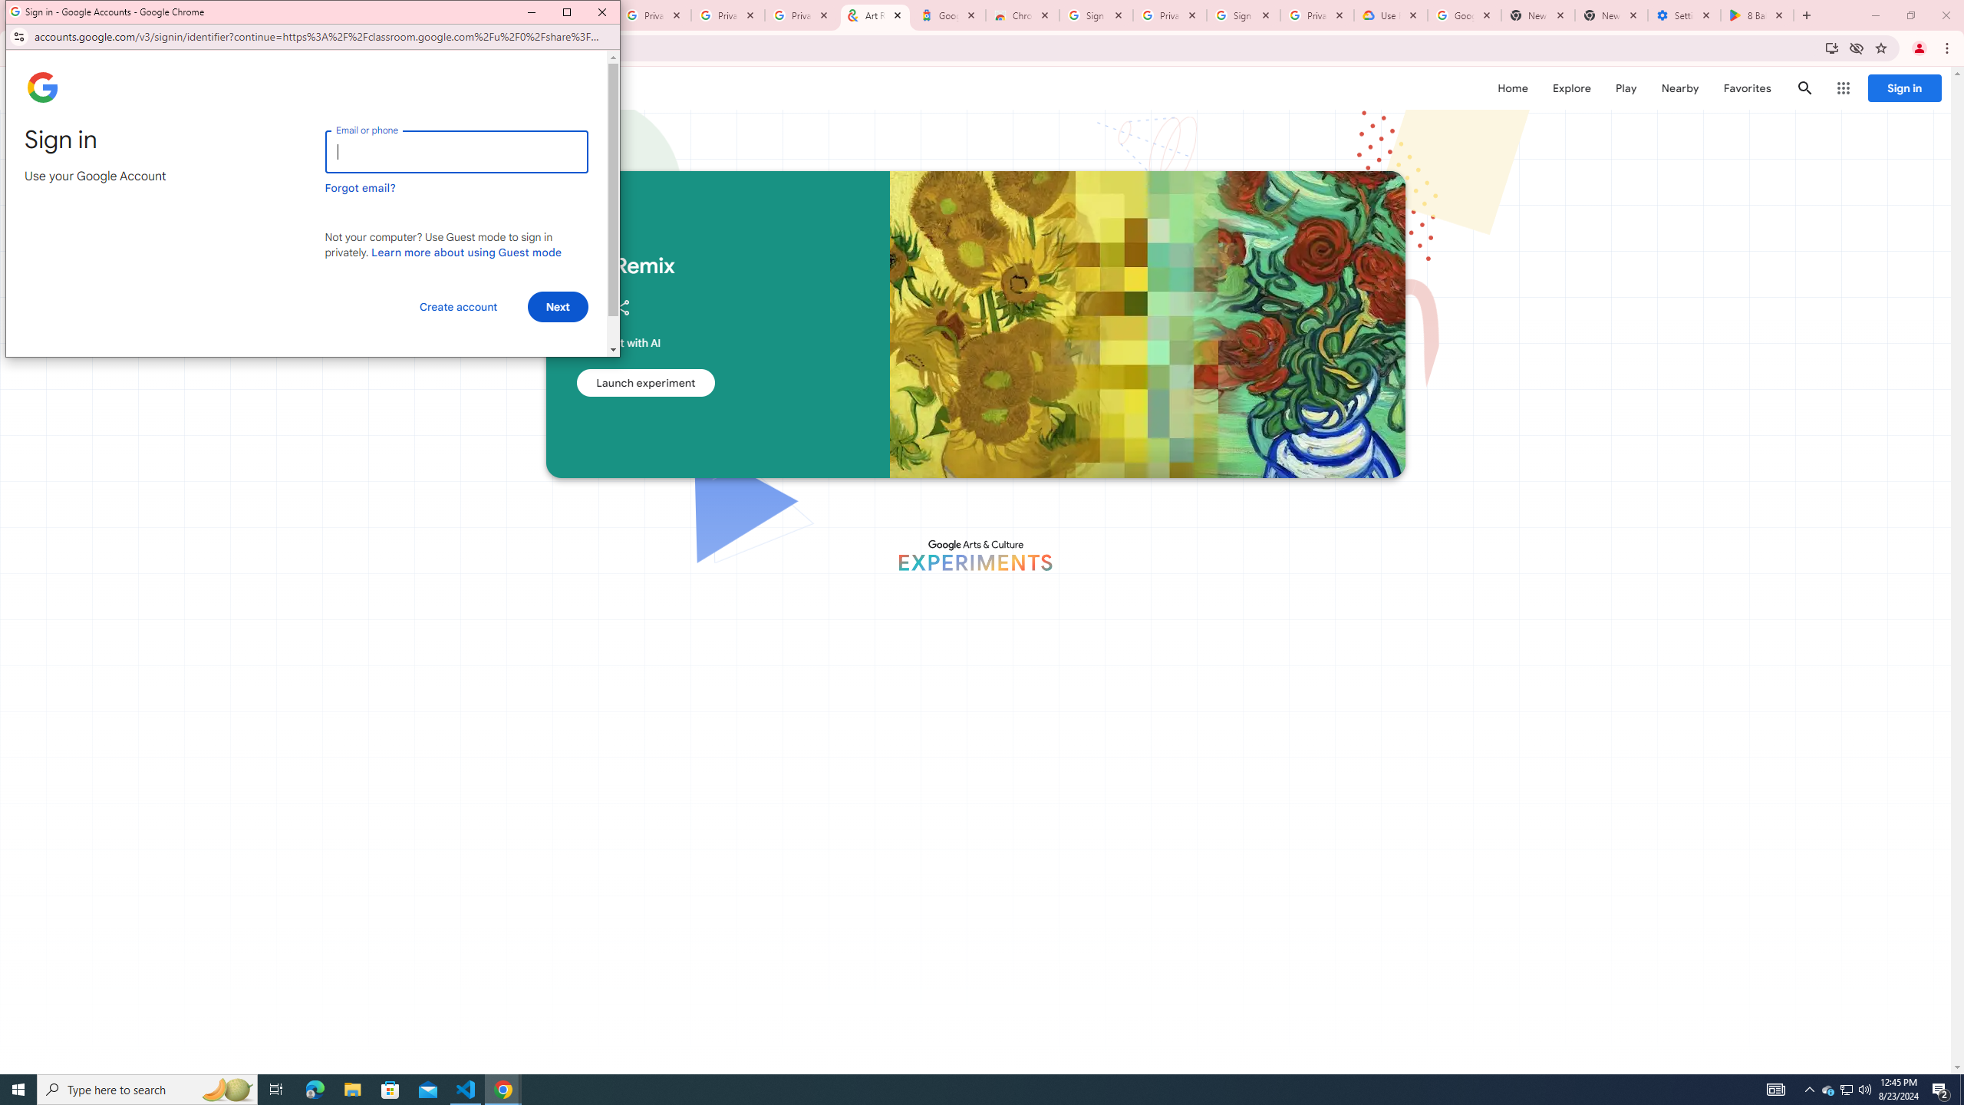  Describe the element at coordinates (1776, 1088) in the screenshot. I see `'AutomationID: 4105'` at that location.